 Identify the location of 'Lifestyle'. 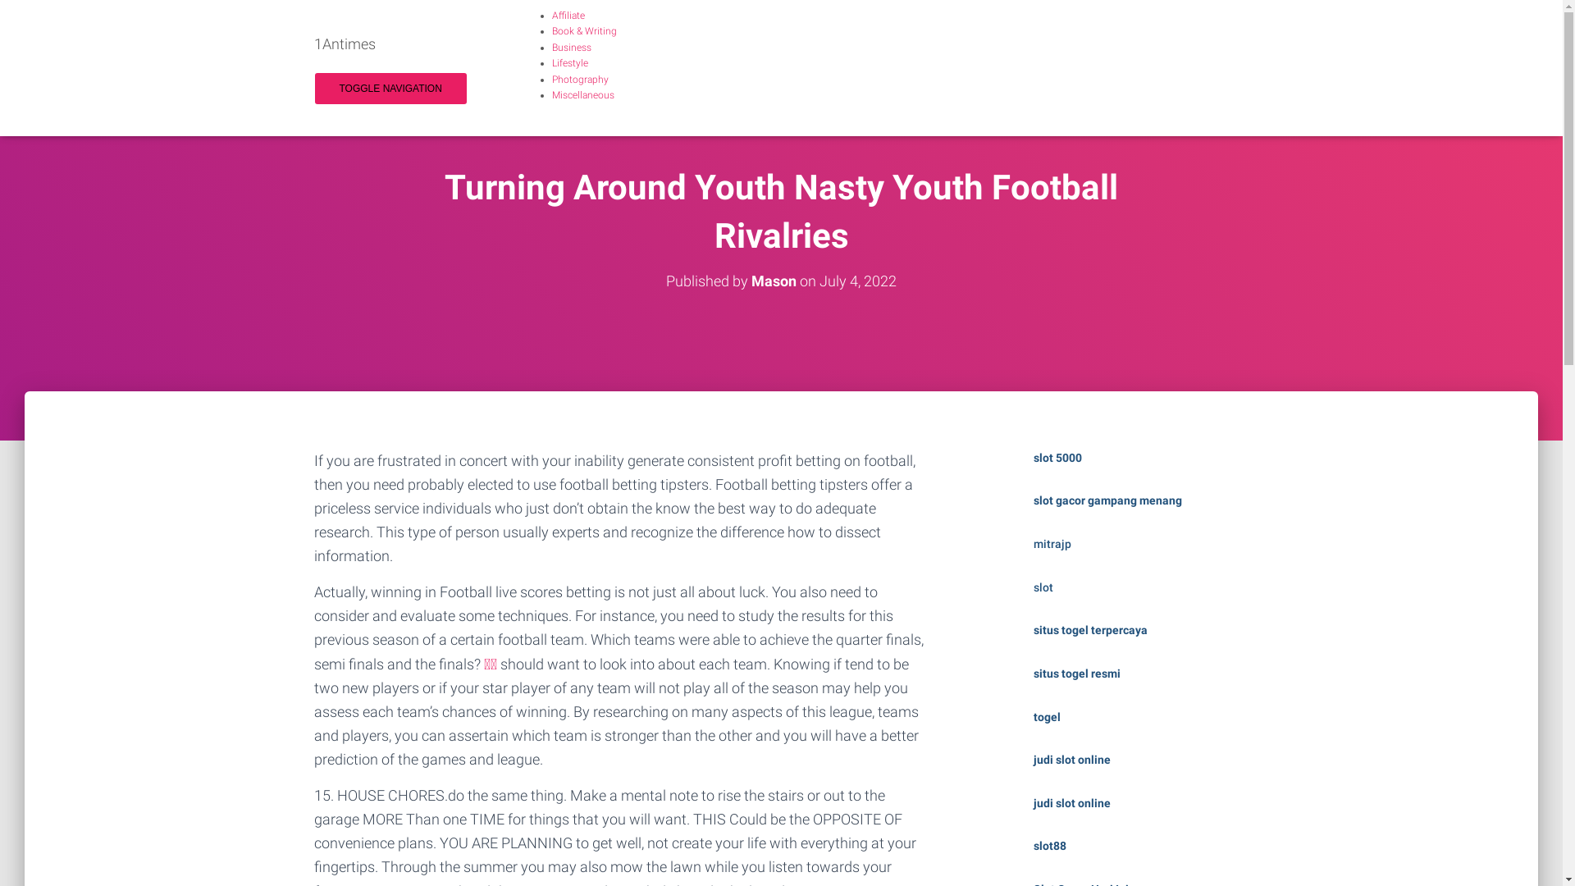
(551, 62).